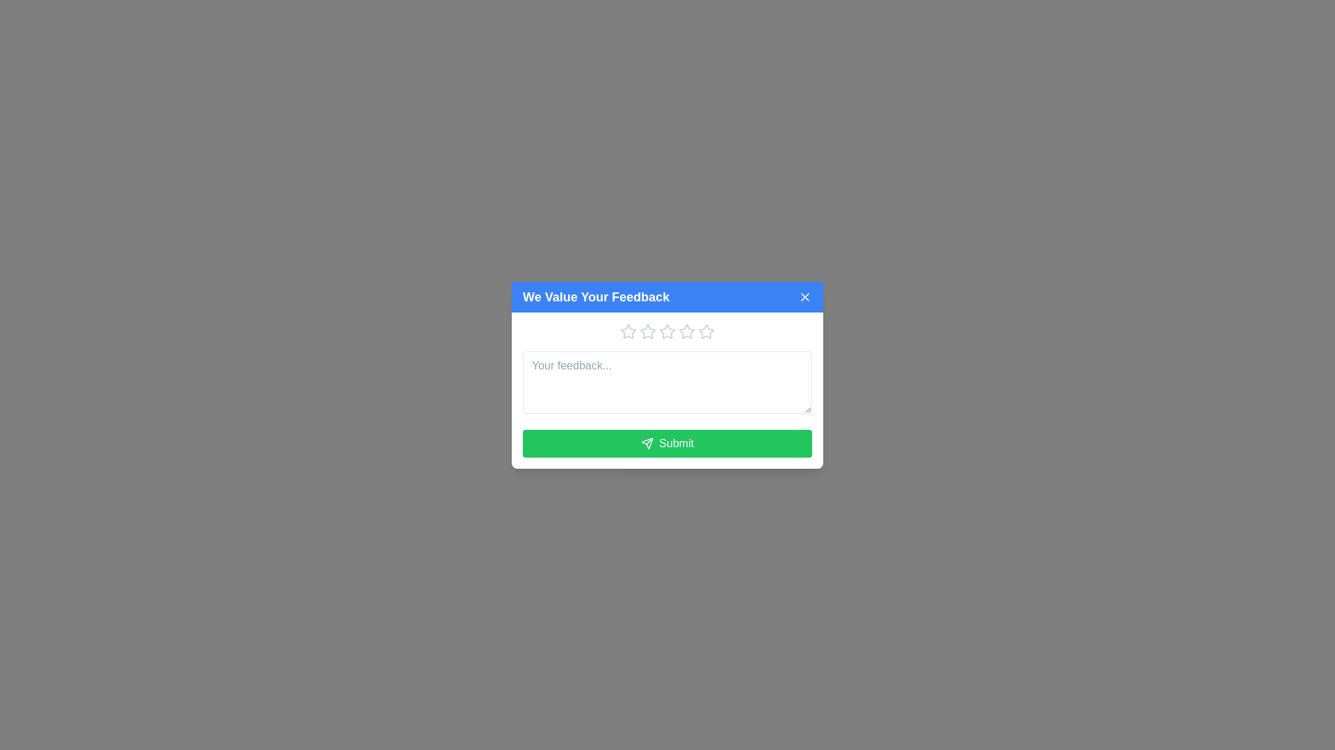  Describe the element at coordinates (647, 331) in the screenshot. I see `the second rating button in the series of five buttons within the 'We Value Your Feedback' box for accessibility navigation` at that location.